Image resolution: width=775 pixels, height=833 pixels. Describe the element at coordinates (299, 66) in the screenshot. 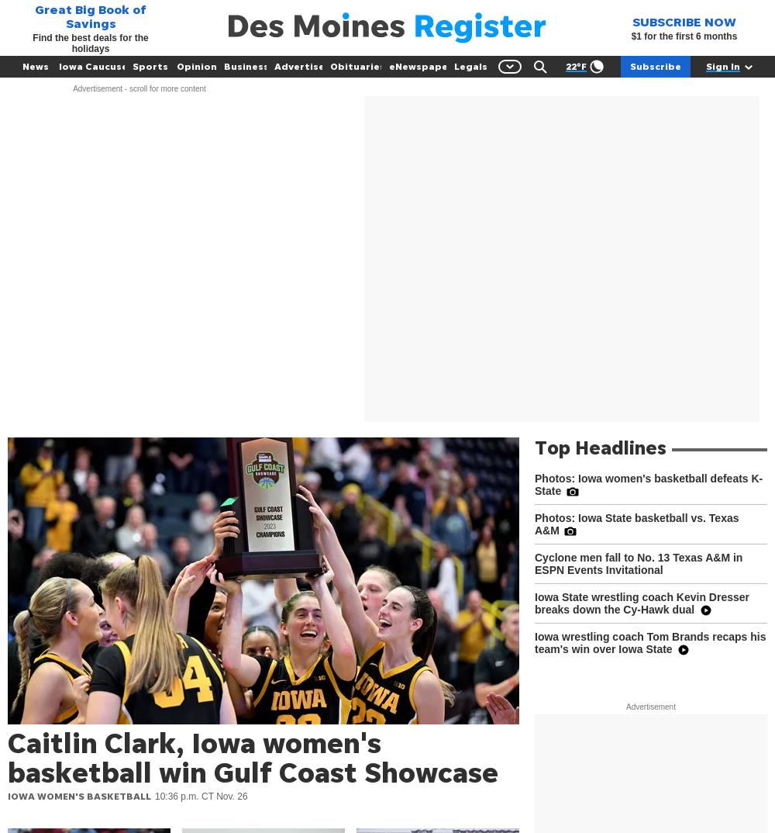

I see `'Advertise'` at that location.